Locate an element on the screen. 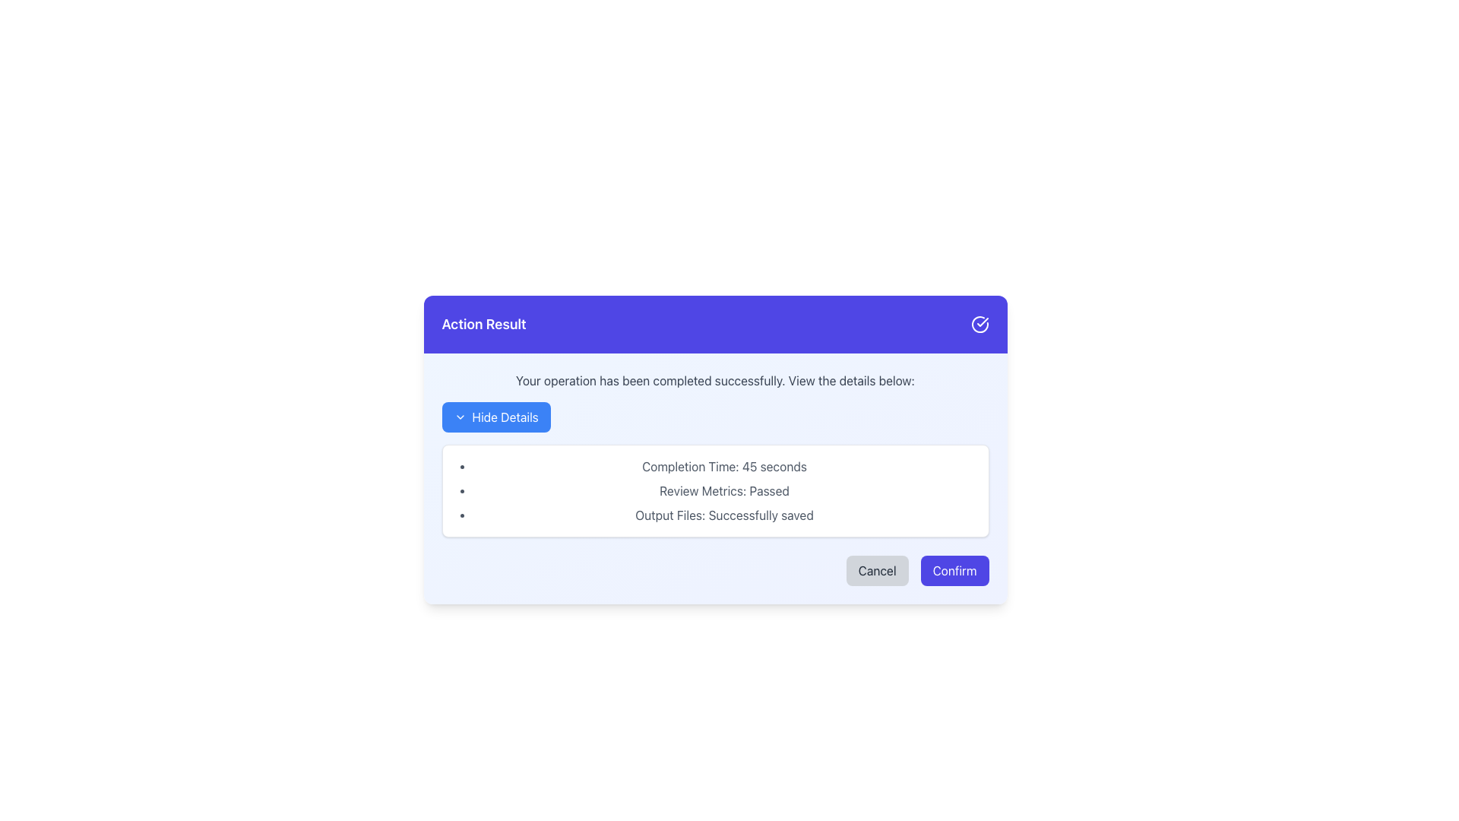 The height and width of the screenshot is (821, 1459). the static text element that reads 'Completion Time: 45 seconds', which is the first item in a bulleted list under the blue header indicating successful operation completion is located at coordinates (723, 465).